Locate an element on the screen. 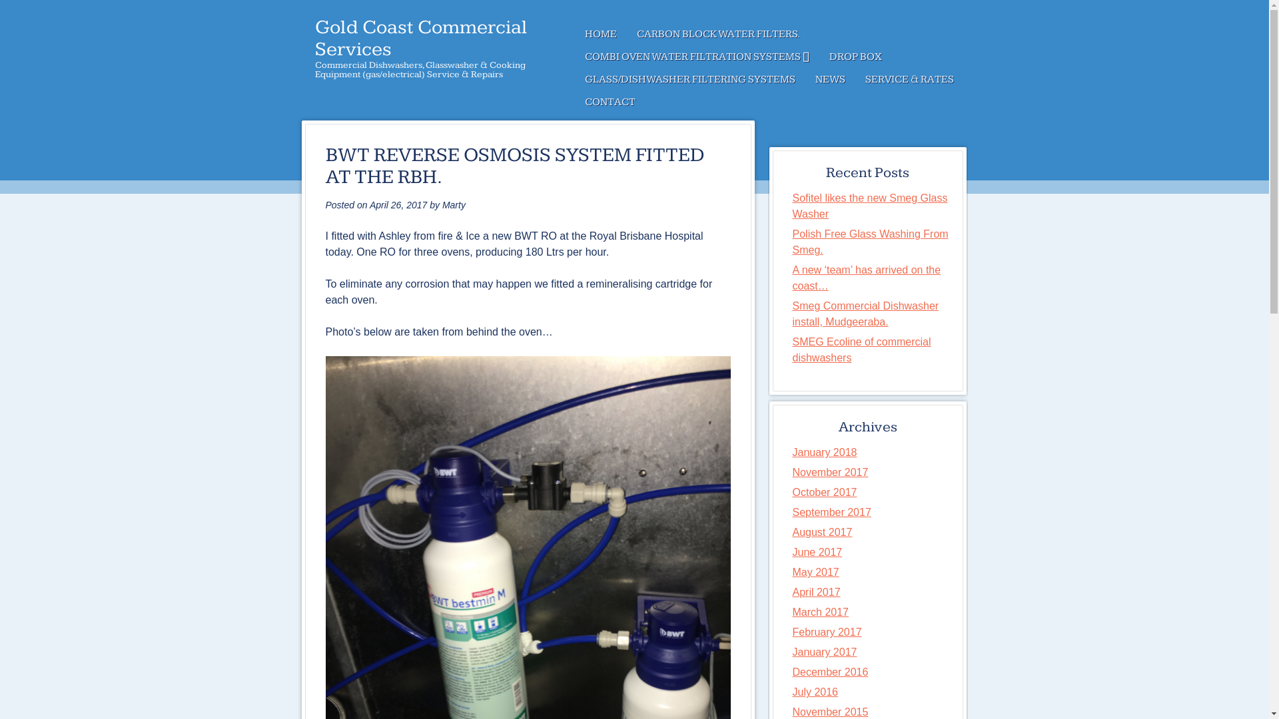  'January 2017' is located at coordinates (824, 651).